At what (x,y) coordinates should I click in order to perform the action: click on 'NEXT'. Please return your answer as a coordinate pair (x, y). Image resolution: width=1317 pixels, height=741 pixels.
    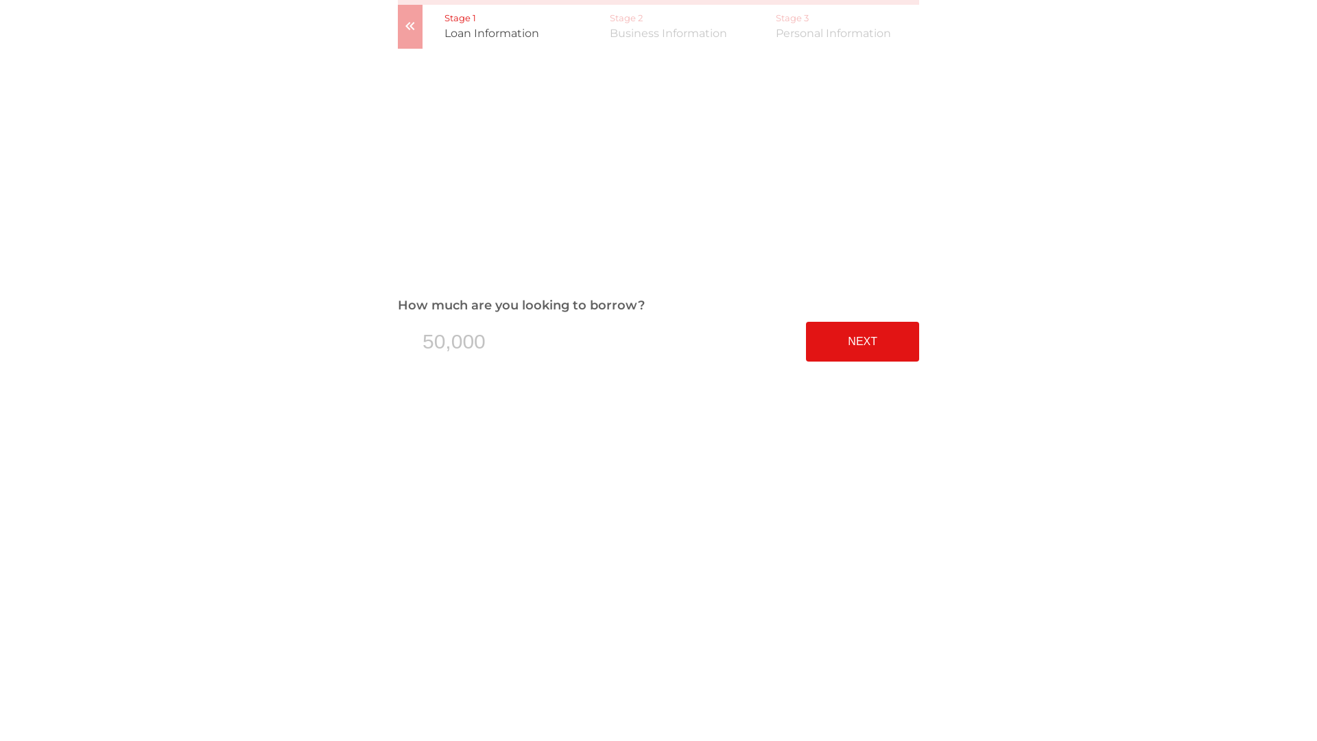
    Looking at the image, I should click on (806, 340).